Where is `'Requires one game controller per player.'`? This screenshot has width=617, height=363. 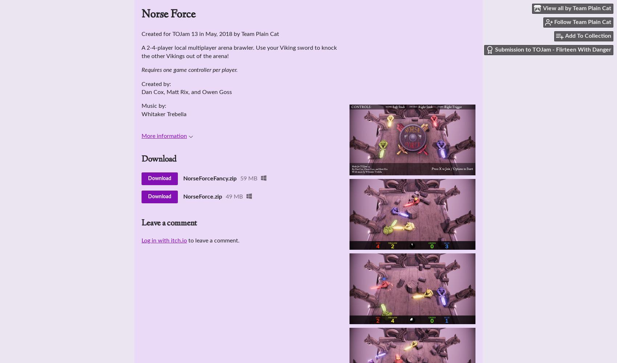
'Requires one game controller per player.' is located at coordinates (189, 70).